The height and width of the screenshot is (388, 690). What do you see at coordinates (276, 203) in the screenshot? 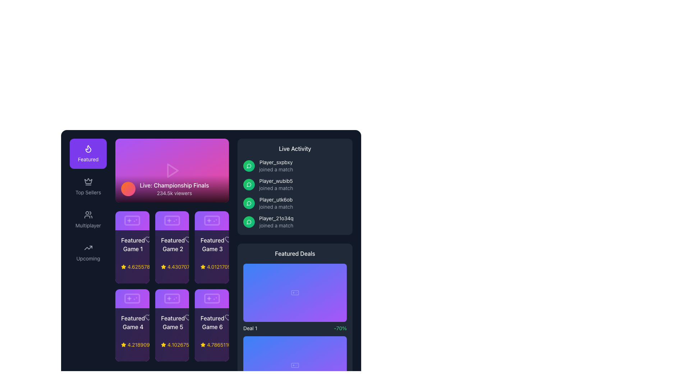
I see `displayed text in the Text Display Element indicating that 'Player_utk6ob' has joined a match, which is the third entry under the 'Live Activity' heading in the right panel` at bounding box center [276, 203].